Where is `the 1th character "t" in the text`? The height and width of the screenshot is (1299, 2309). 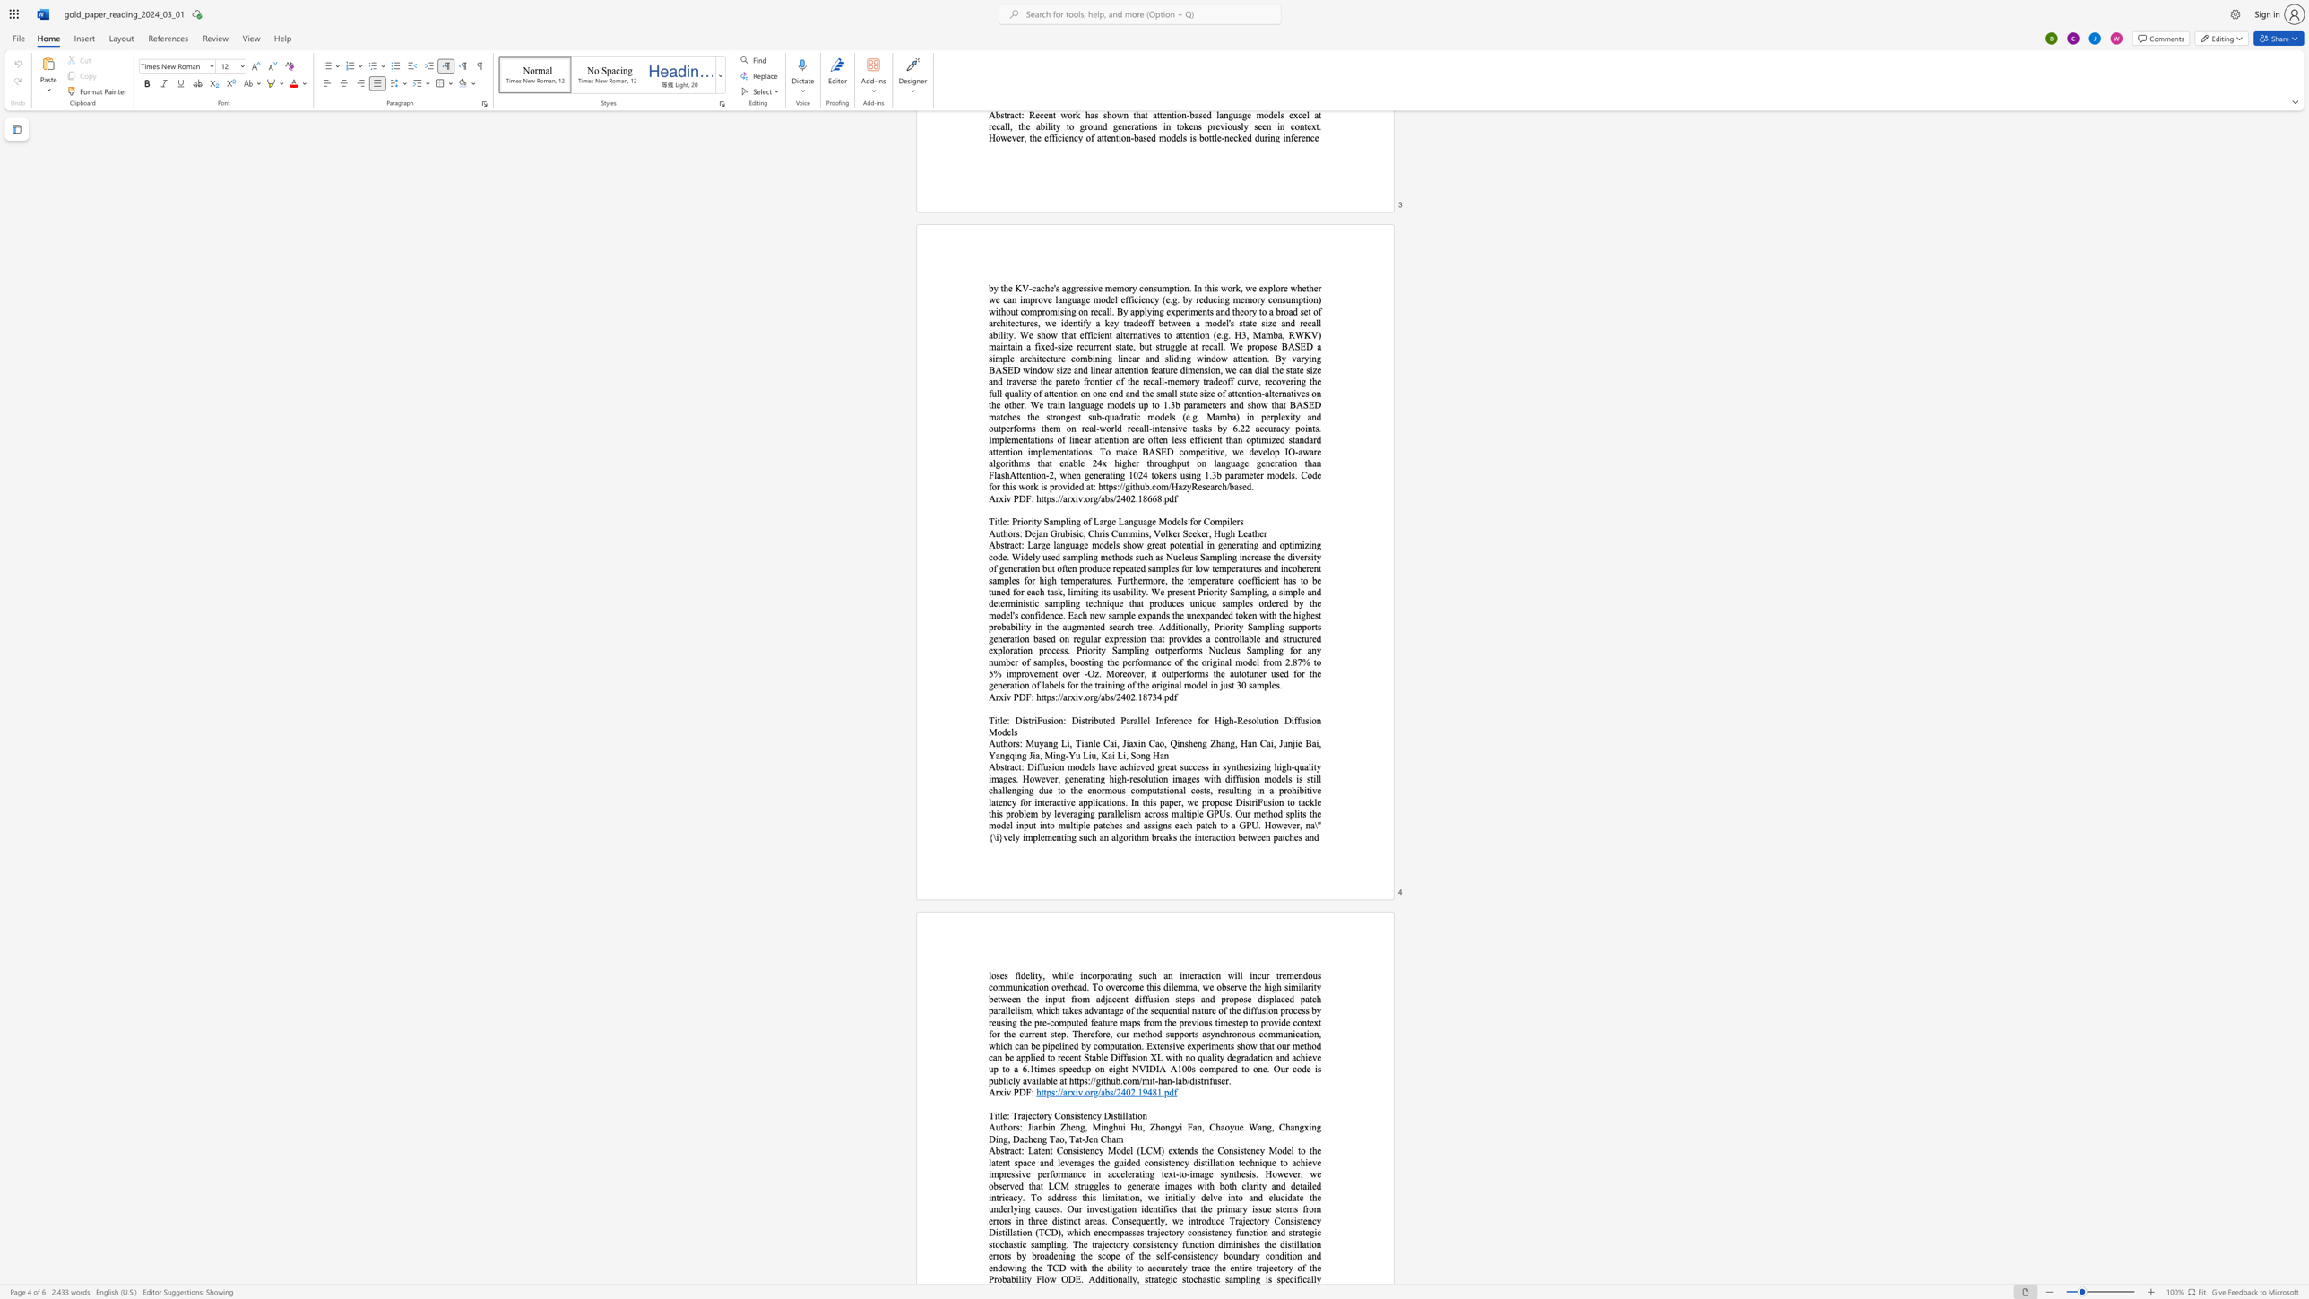 the 1th character "t" in the text is located at coordinates (1029, 721).